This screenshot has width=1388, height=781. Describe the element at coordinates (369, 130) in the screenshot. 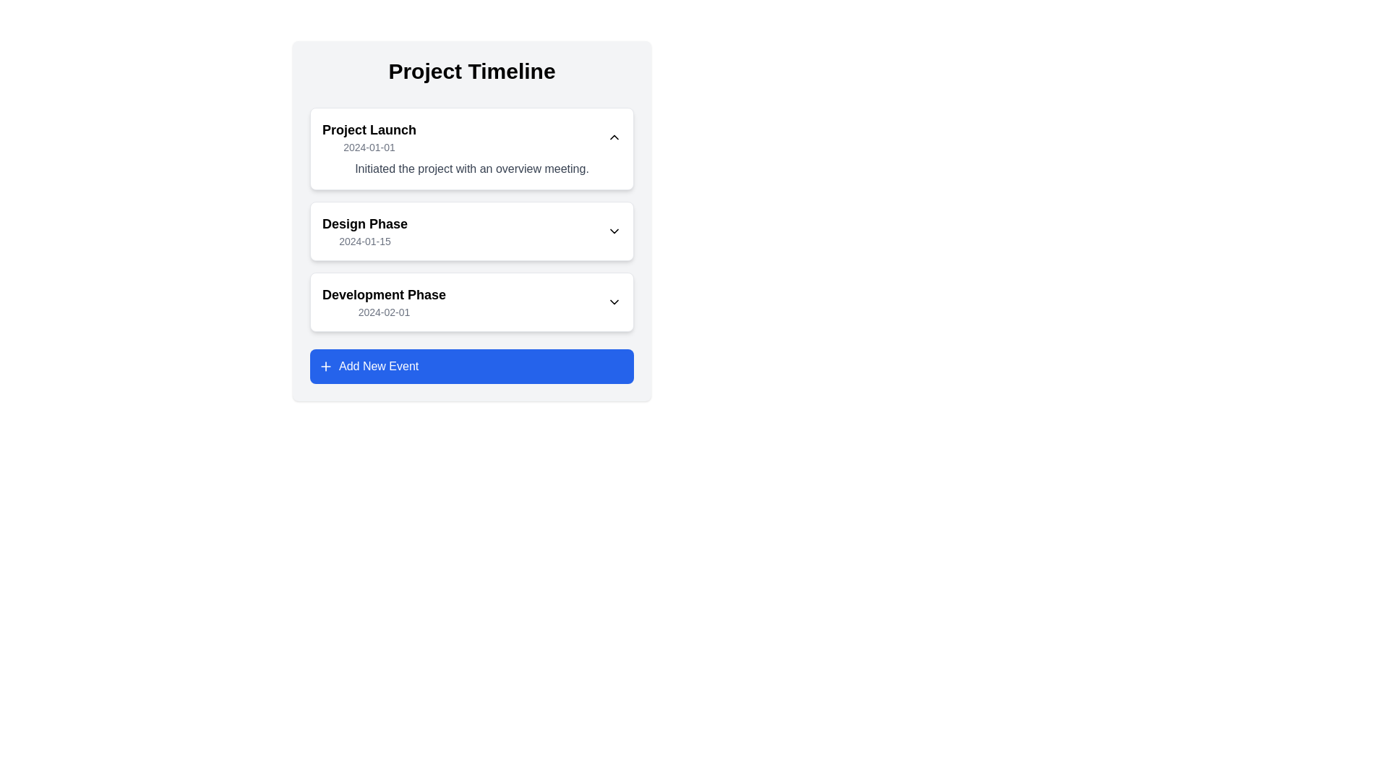

I see `text label 'Project Launch' located at the top of the first card component in the timeline interface` at that location.